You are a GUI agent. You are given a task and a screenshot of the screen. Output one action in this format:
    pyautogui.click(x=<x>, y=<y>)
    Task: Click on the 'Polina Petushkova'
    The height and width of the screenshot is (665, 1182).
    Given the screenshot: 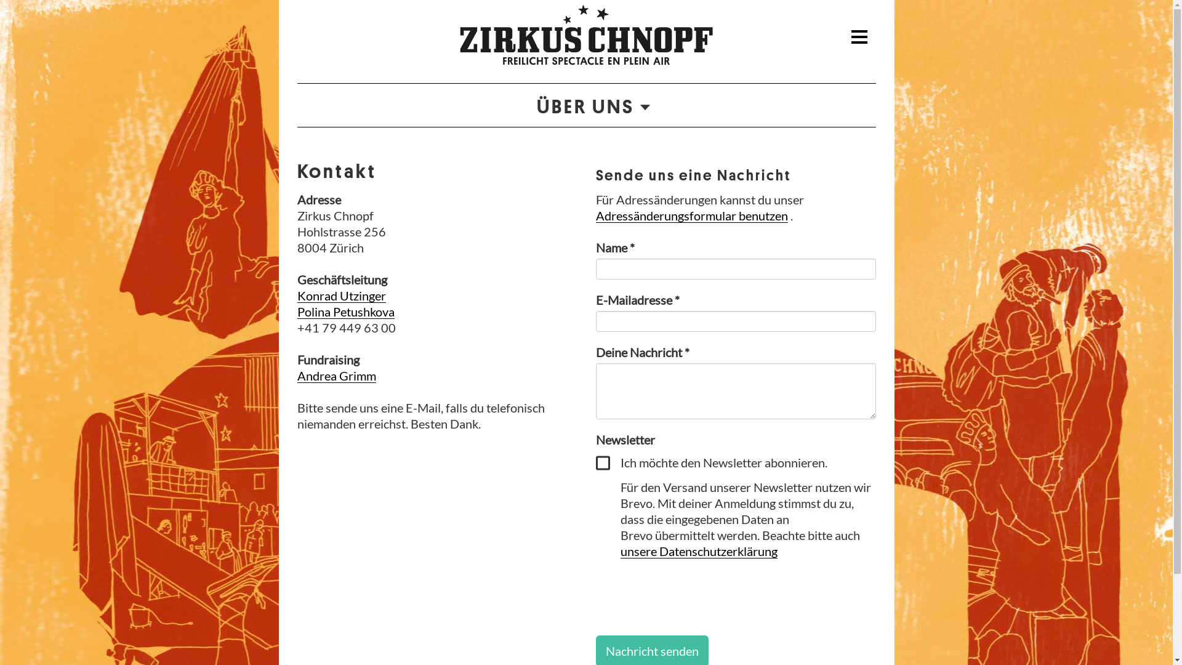 What is the action you would take?
    pyautogui.click(x=345, y=310)
    